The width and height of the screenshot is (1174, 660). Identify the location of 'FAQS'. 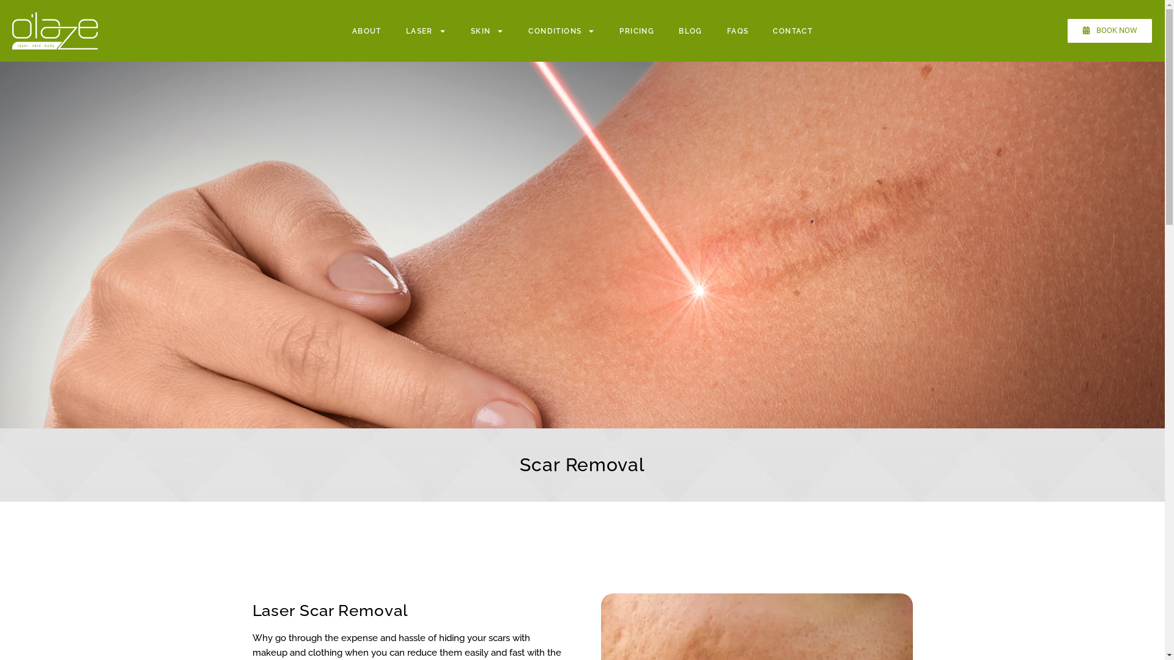
(737, 30).